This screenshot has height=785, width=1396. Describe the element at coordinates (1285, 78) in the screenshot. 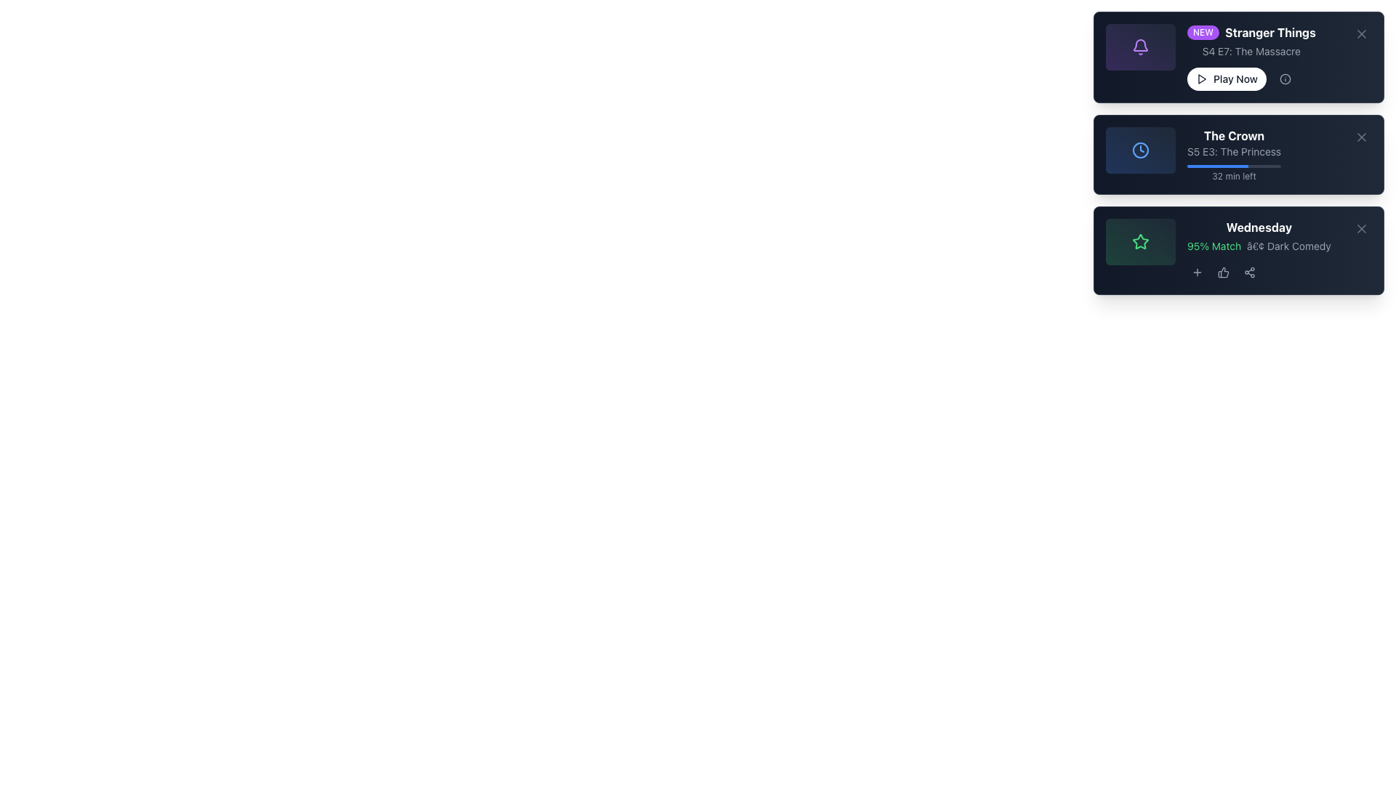

I see `the small circular icon with an outlined 'info' symbol located at the top-right corner of the first card in a vertical stack of three cards` at that location.